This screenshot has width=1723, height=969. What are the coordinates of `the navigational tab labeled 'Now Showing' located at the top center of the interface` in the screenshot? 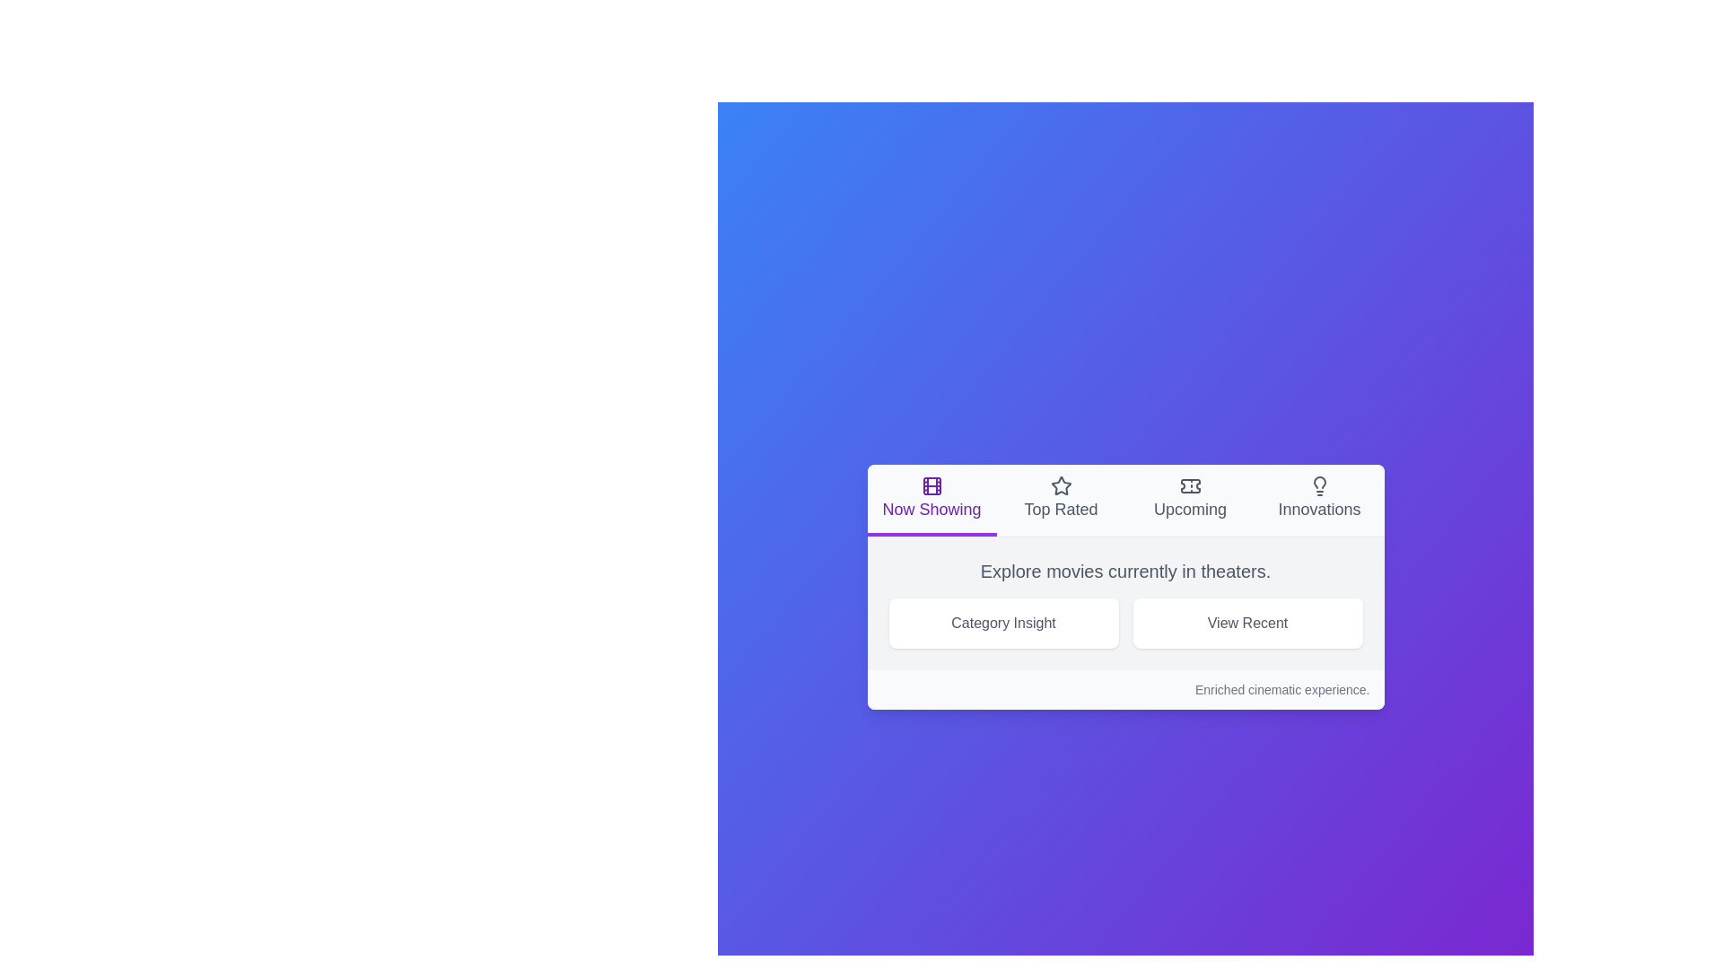 It's located at (931, 498).